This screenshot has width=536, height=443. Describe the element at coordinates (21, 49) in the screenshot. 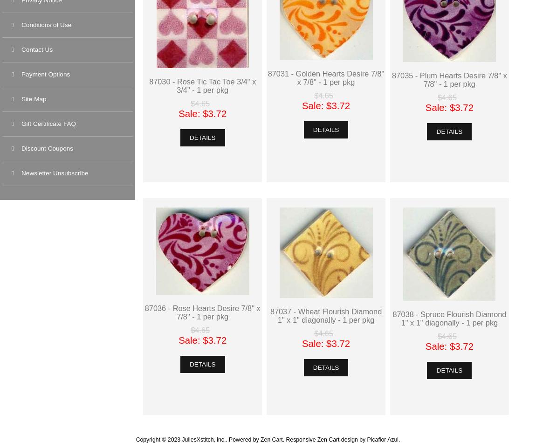

I see `'Contact Us'` at that location.